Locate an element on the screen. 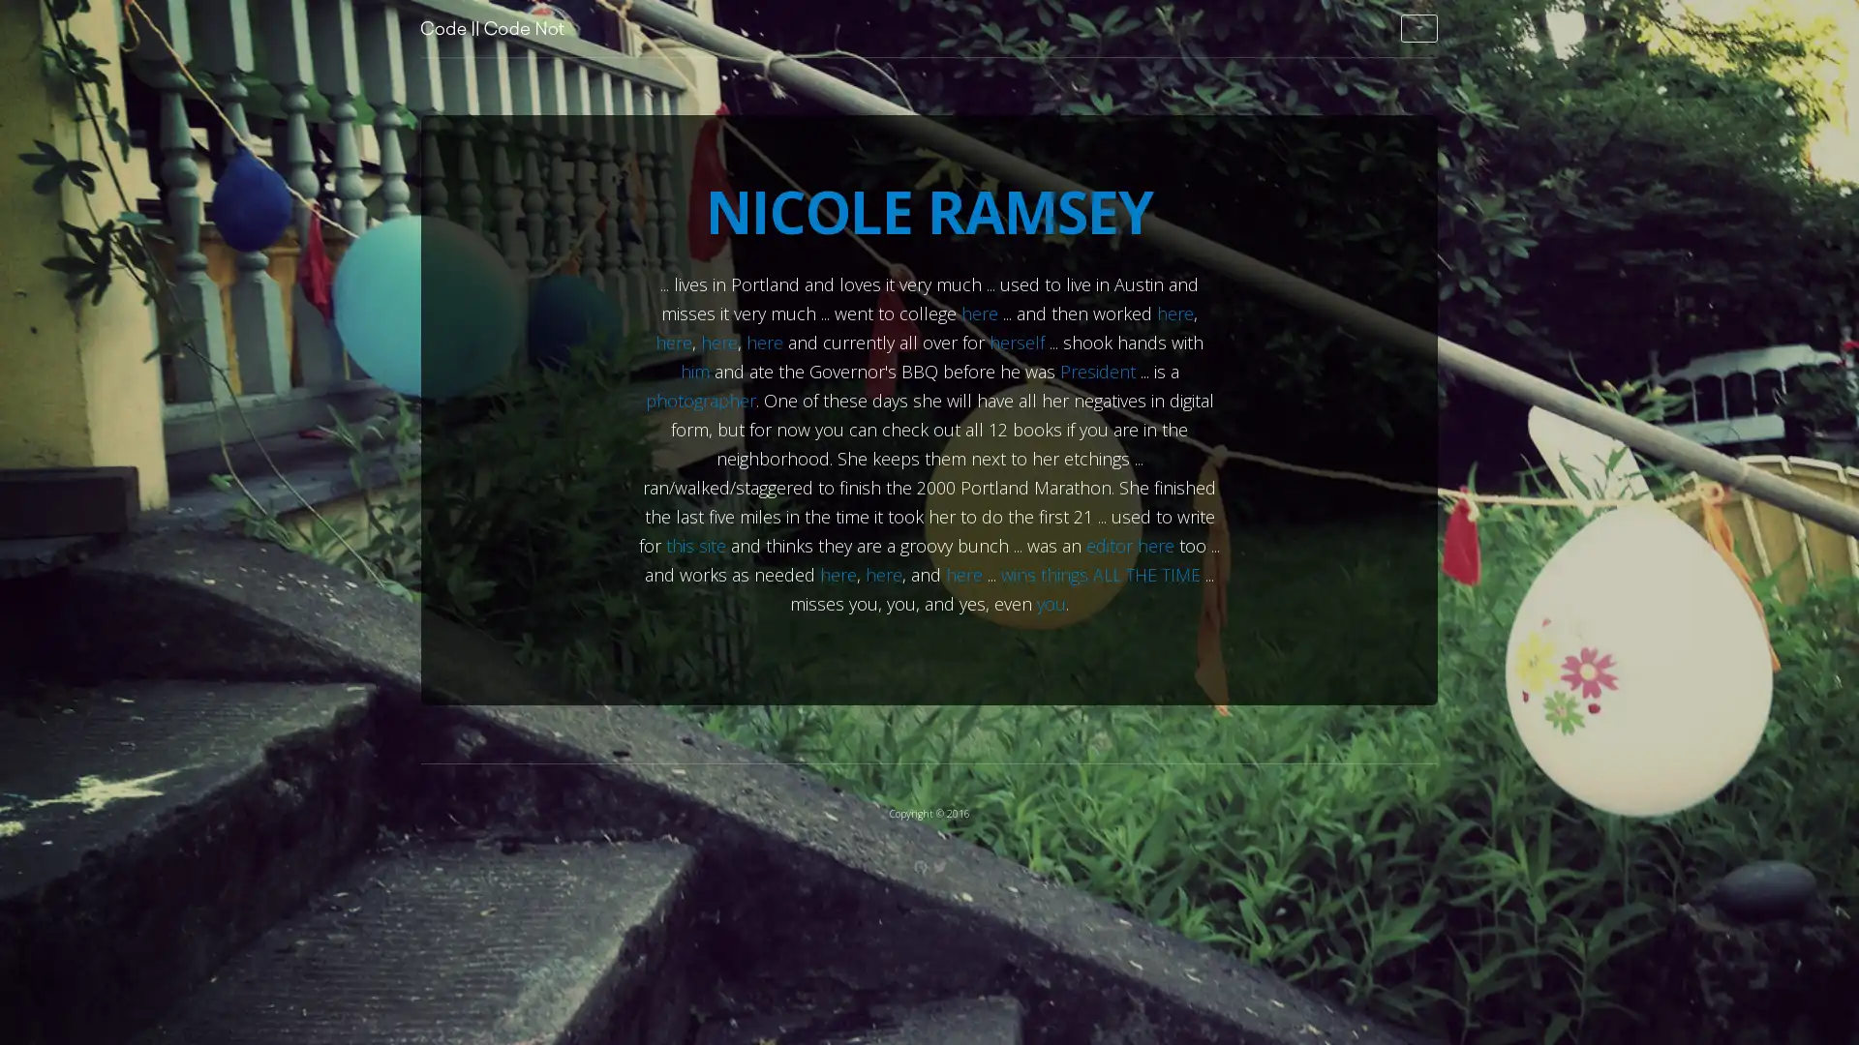 The height and width of the screenshot is (1045, 1859). Select page is located at coordinates (1418, 27).